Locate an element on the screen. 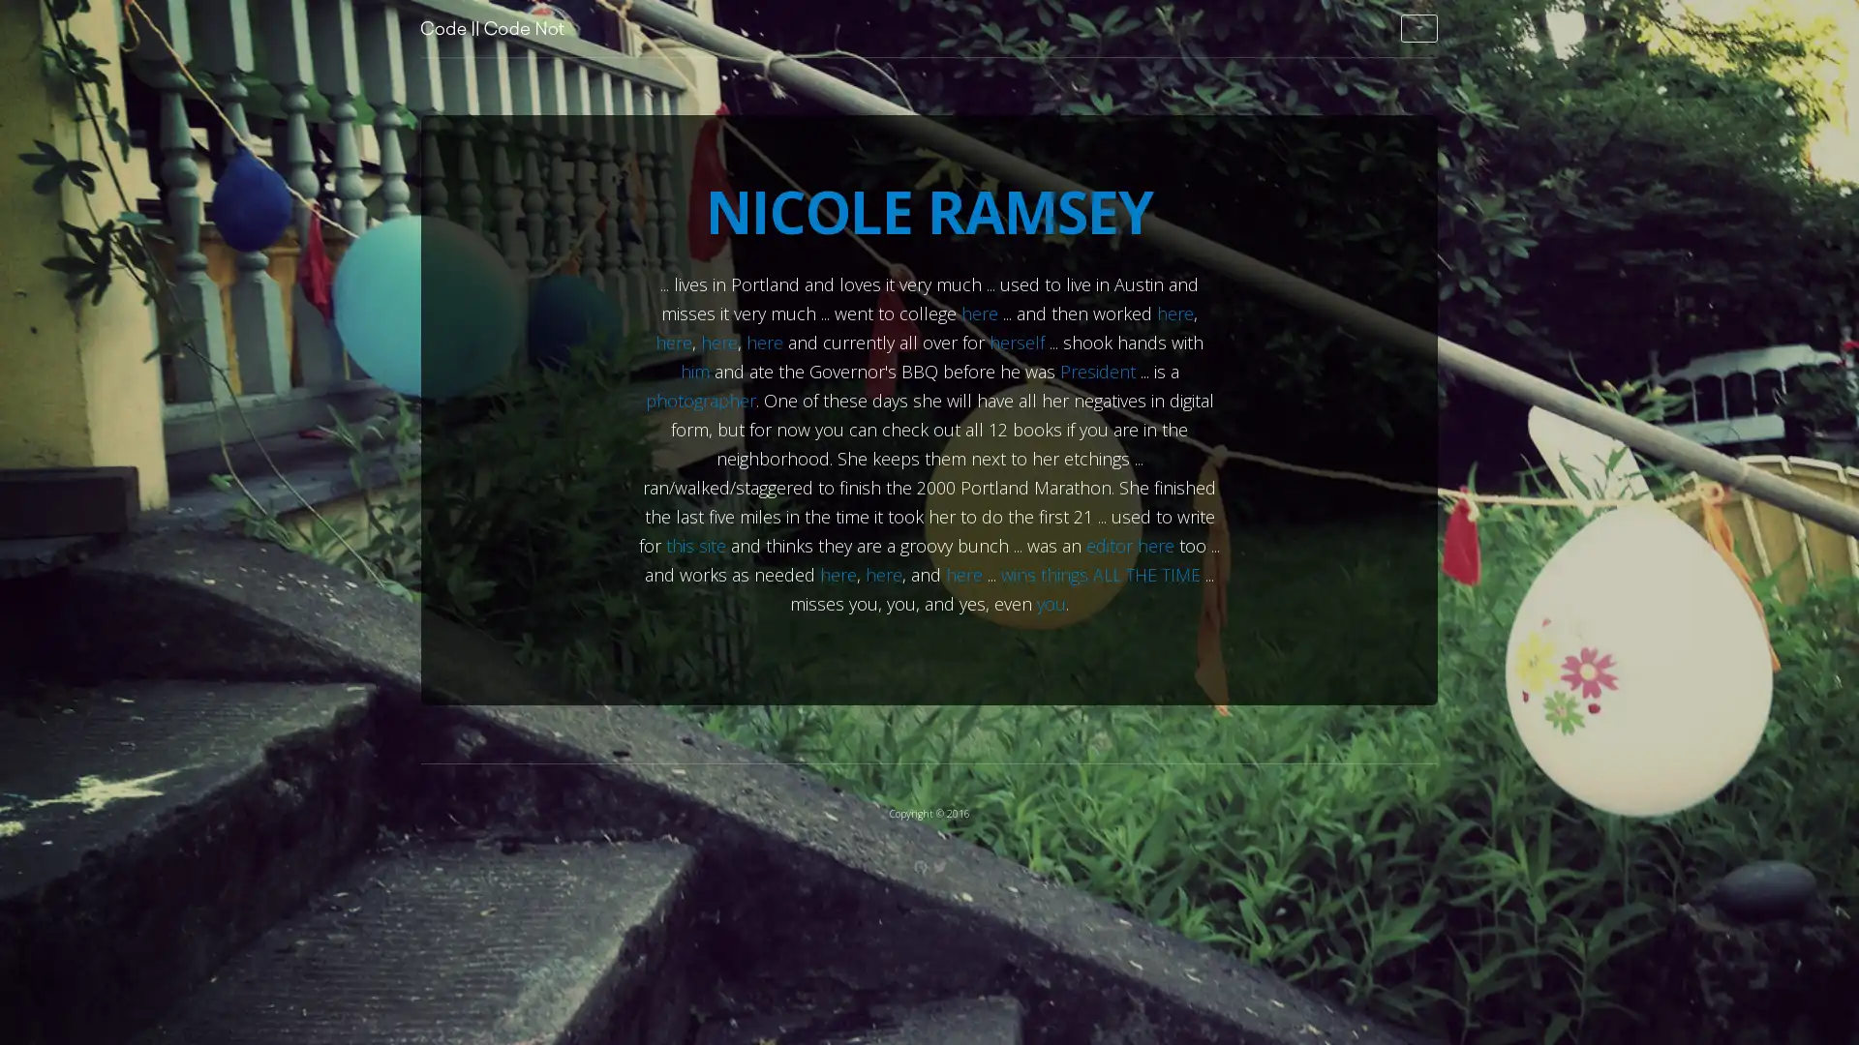 The height and width of the screenshot is (1045, 1859). Select page is located at coordinates (1418, 27).